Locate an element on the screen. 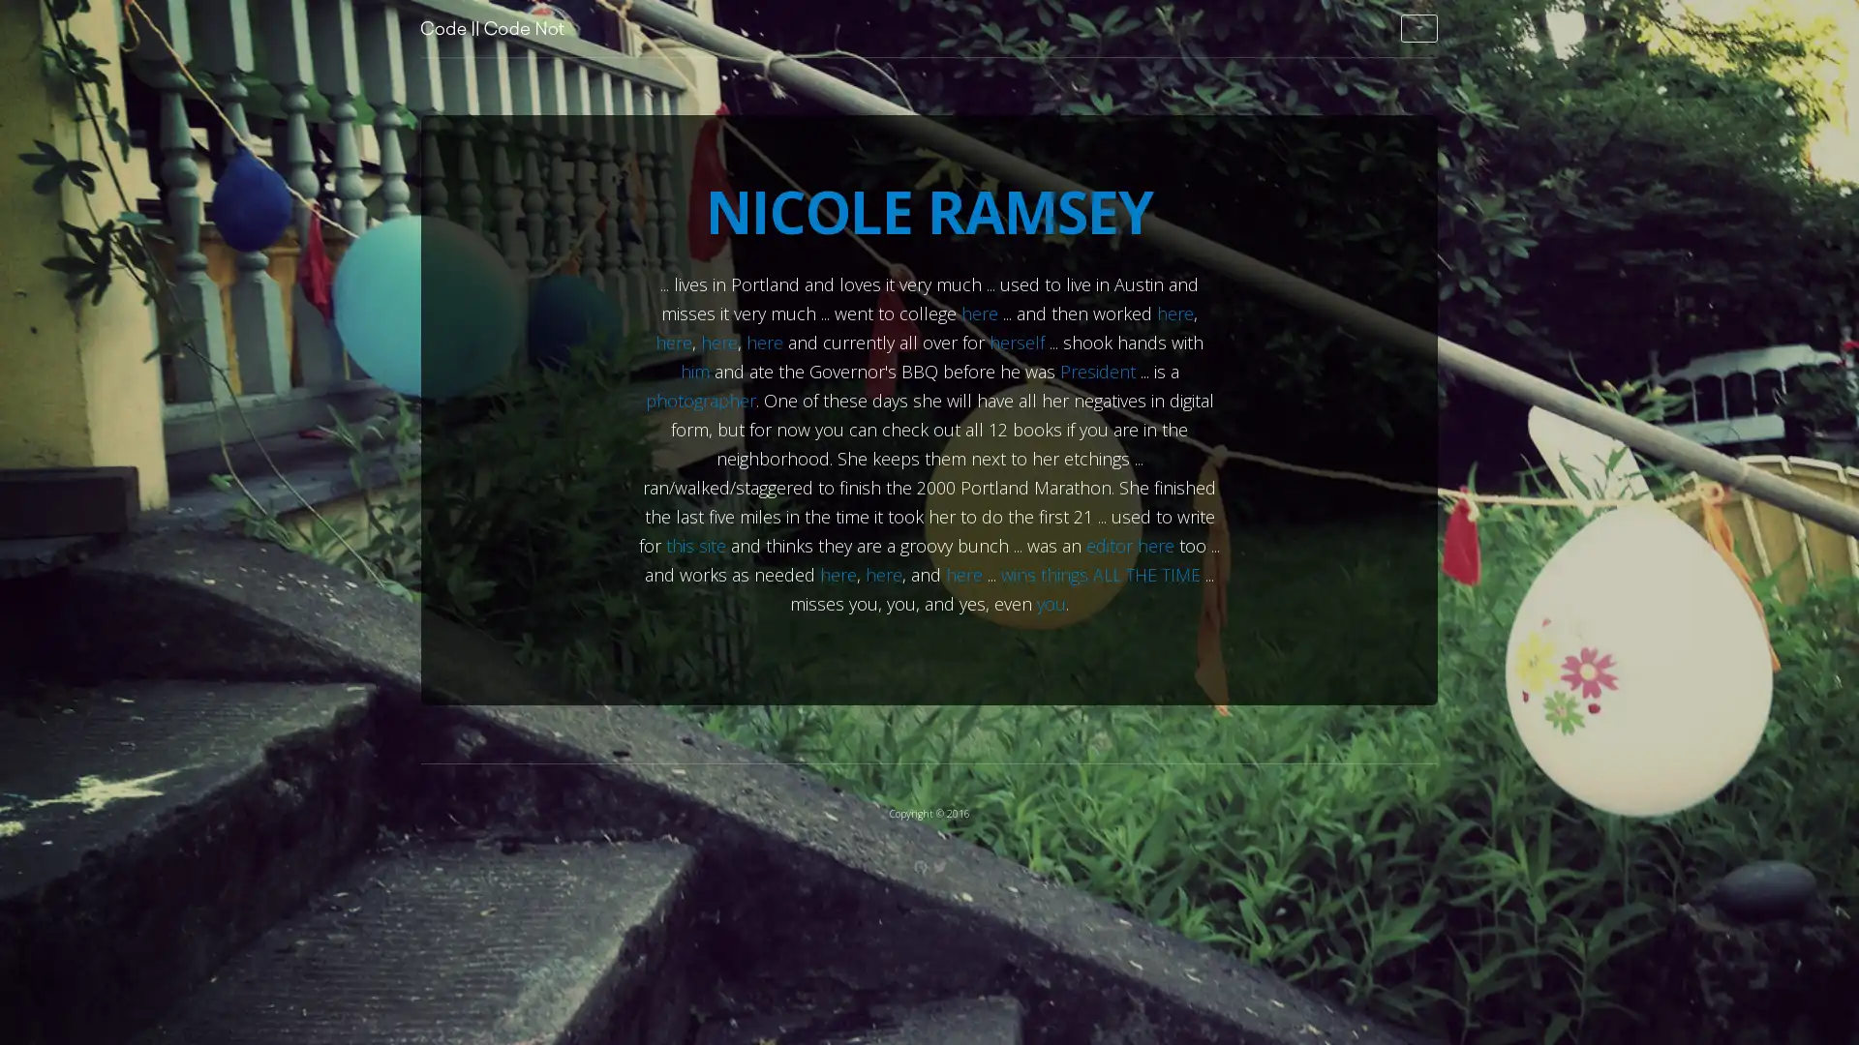 The height and width of the screenshot is (1045, 1859). Select page is located at coordinates (1418, 27).